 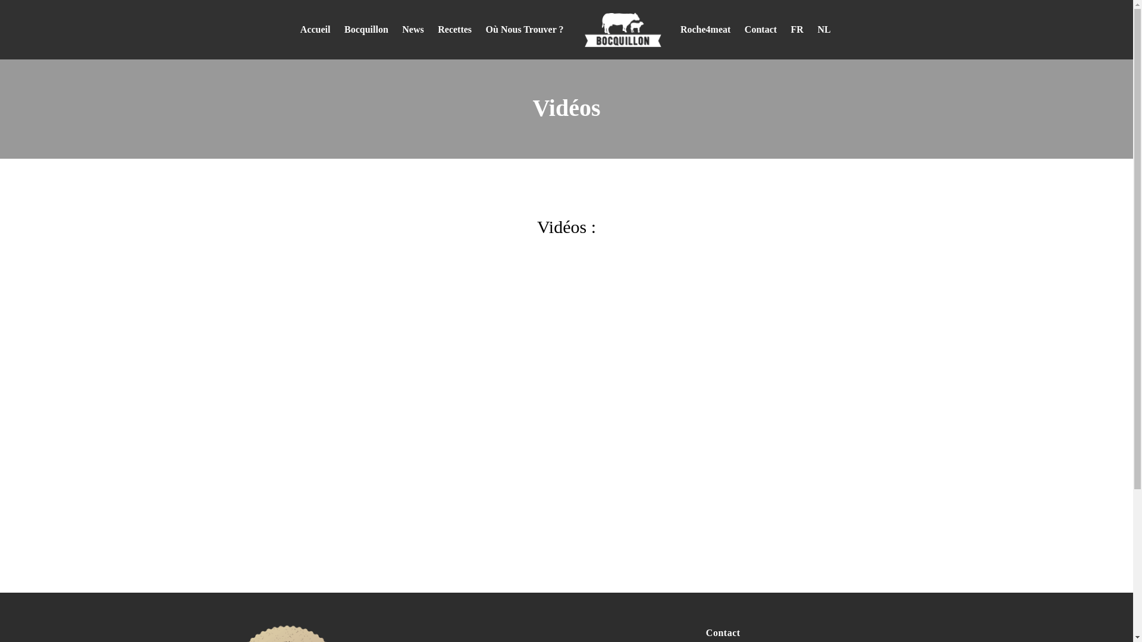 I want to click on 'Accueil', so click(x=294, y=29).